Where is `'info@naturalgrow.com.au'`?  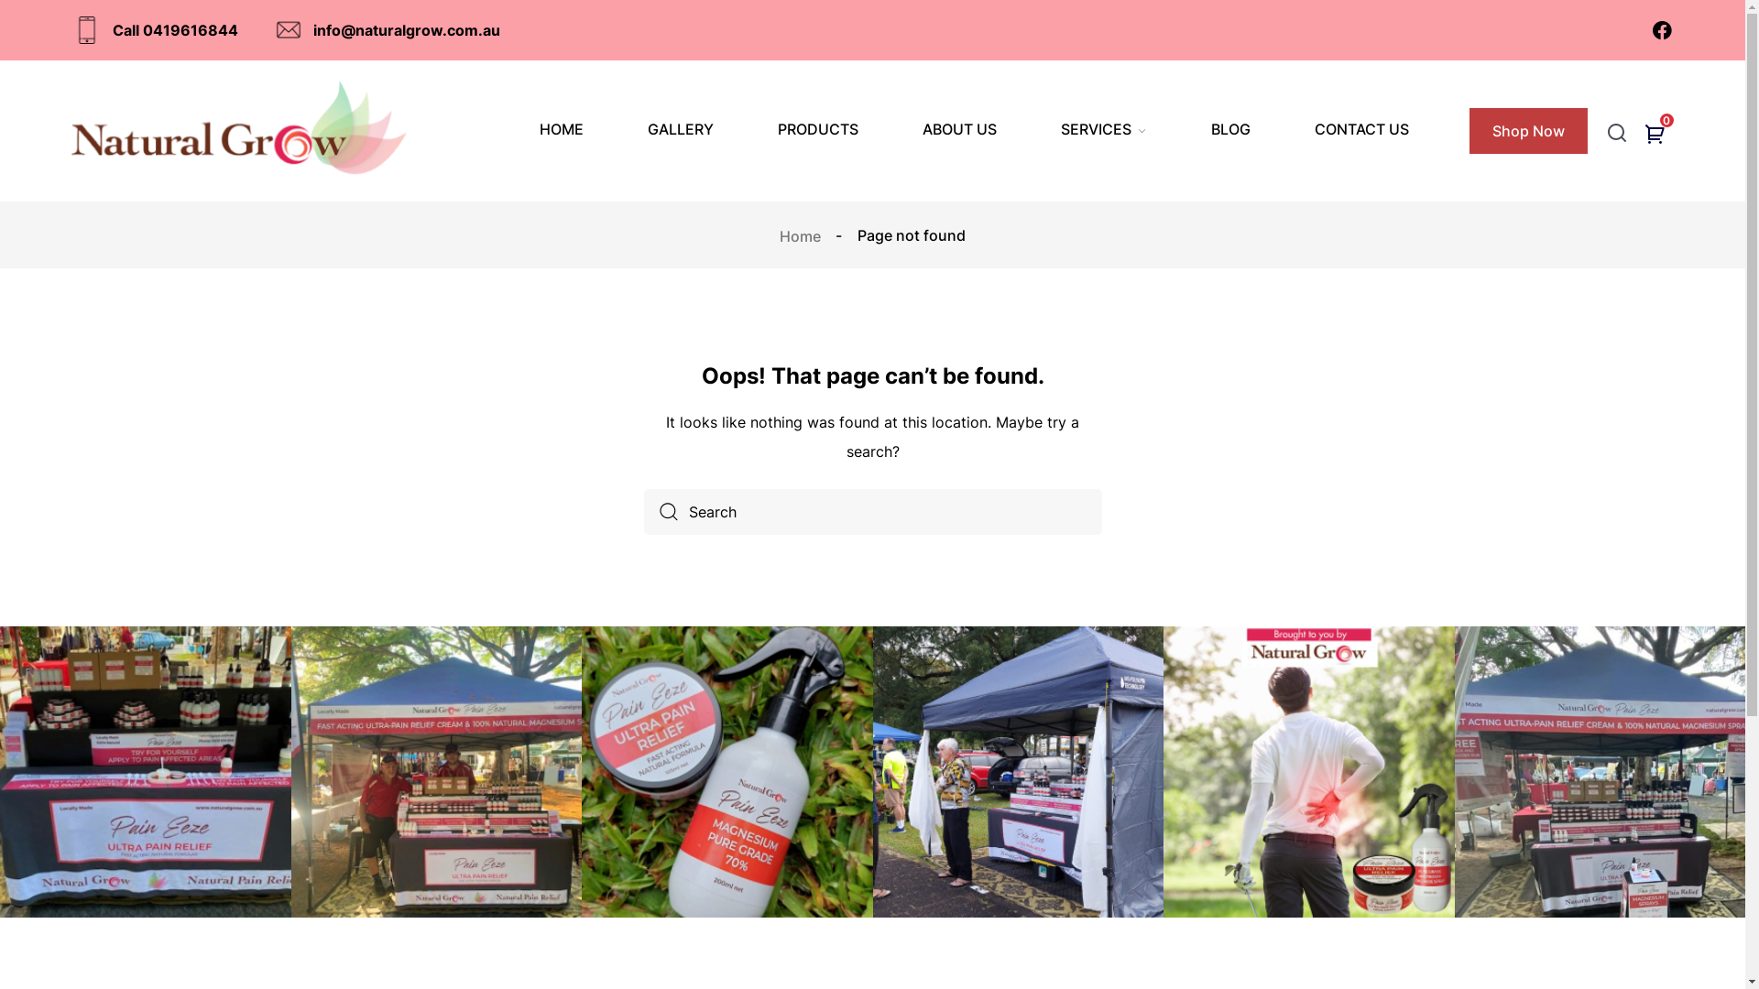 'info@naturalgrow.com.au' is located at coordinates (387, 30).